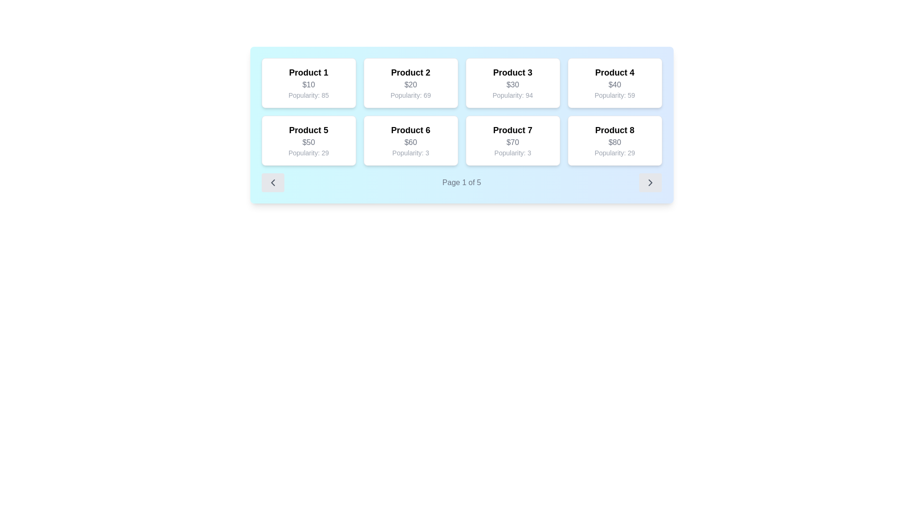  What do you see at coordinates (615, 140) in the screenshot?
I see `the informational card displaying product details with the title 'Product 8', priced at '$80', located in the second row and fourth column of the grid layout` at bounding box center [615, 140].